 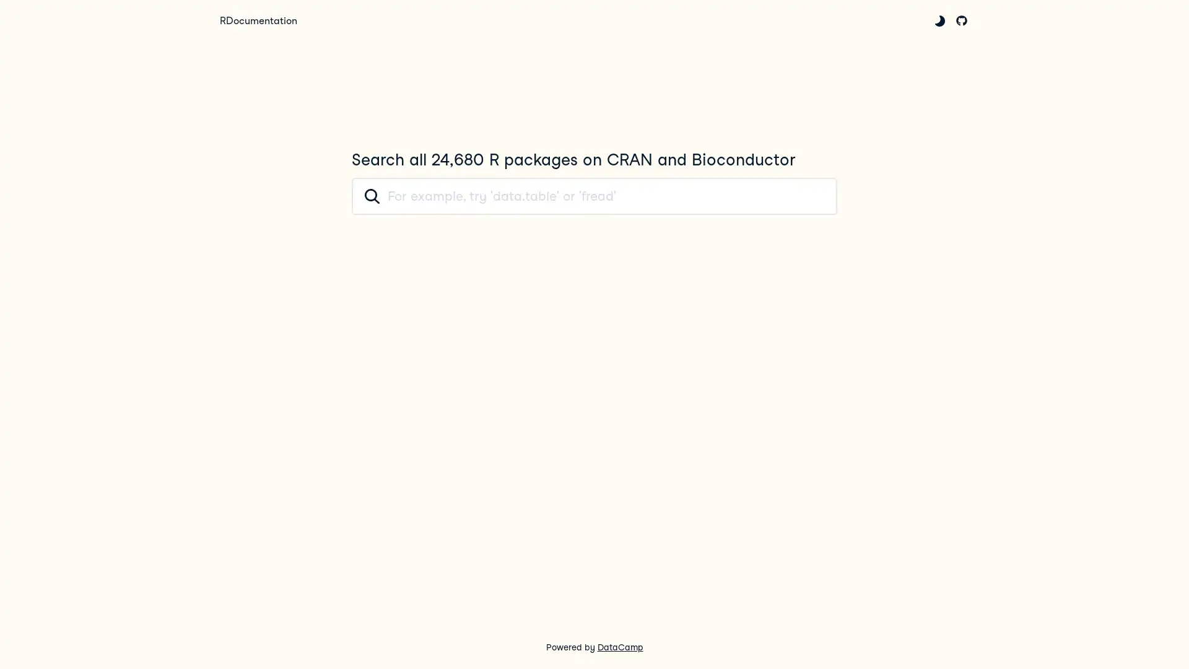 What do you see at coordinates (939, 20) in the screenshot?
I see `toggle dark mode` at bounding box center [939, 20].